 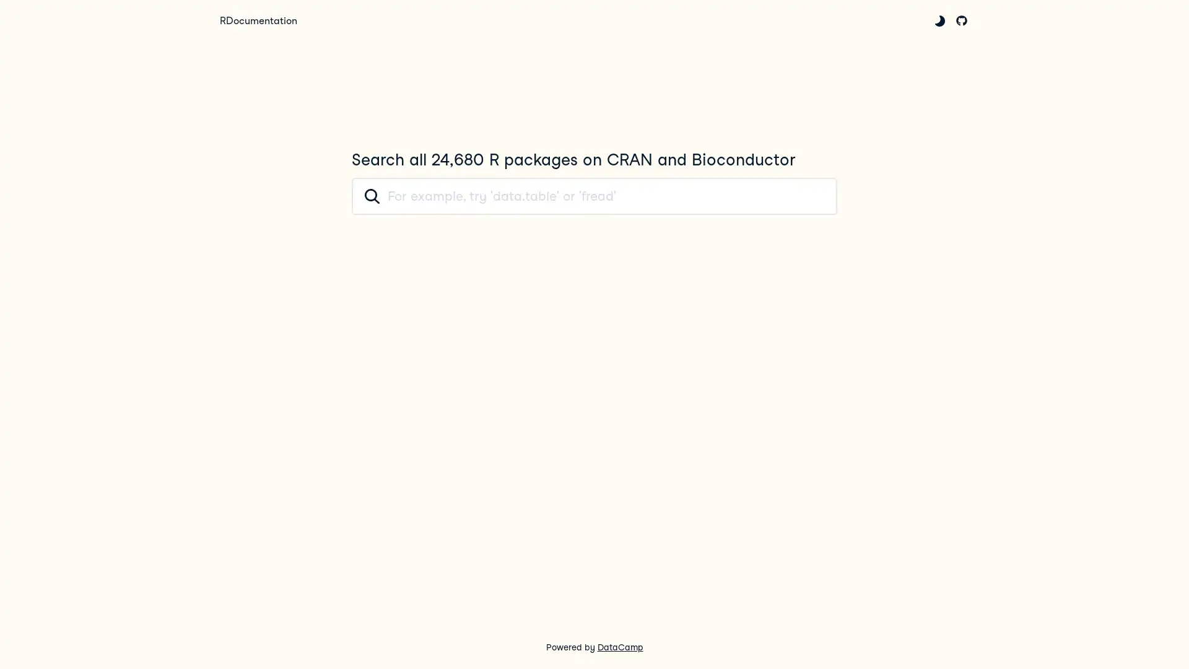 What do you see at coordinates (939, 20) in the screenshot?
I see `toggle dark mode` at bounding box center [939, 20].